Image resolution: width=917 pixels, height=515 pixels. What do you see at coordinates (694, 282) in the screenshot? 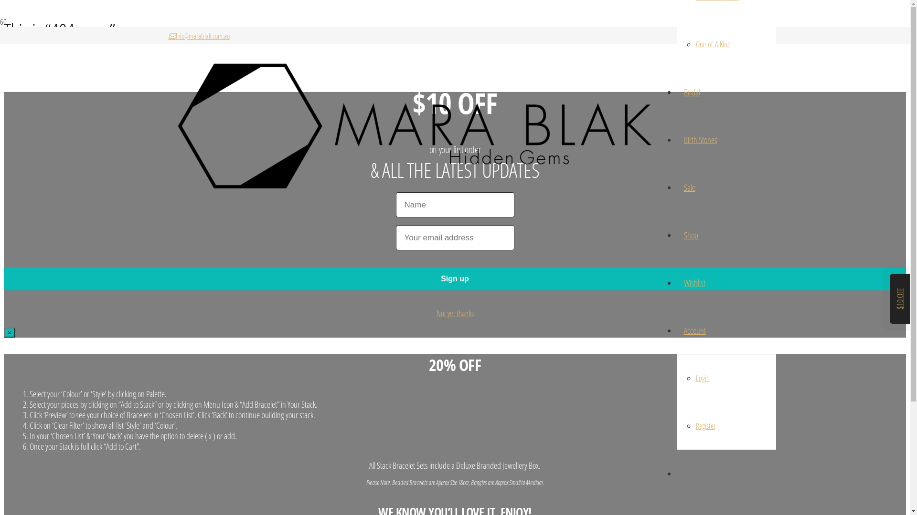
I see `'Wishlist'` at bounding box center [694, 282].